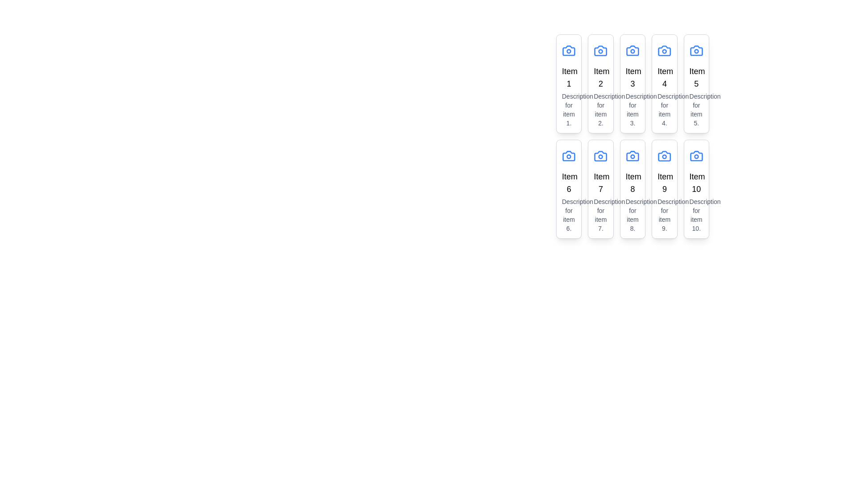 The width and height of the screenshot is (857, 482). I want to click on the text label that reads 'Description for item 4.' located below the header 'Item 4' in the fourth item card, so click(664, 109).